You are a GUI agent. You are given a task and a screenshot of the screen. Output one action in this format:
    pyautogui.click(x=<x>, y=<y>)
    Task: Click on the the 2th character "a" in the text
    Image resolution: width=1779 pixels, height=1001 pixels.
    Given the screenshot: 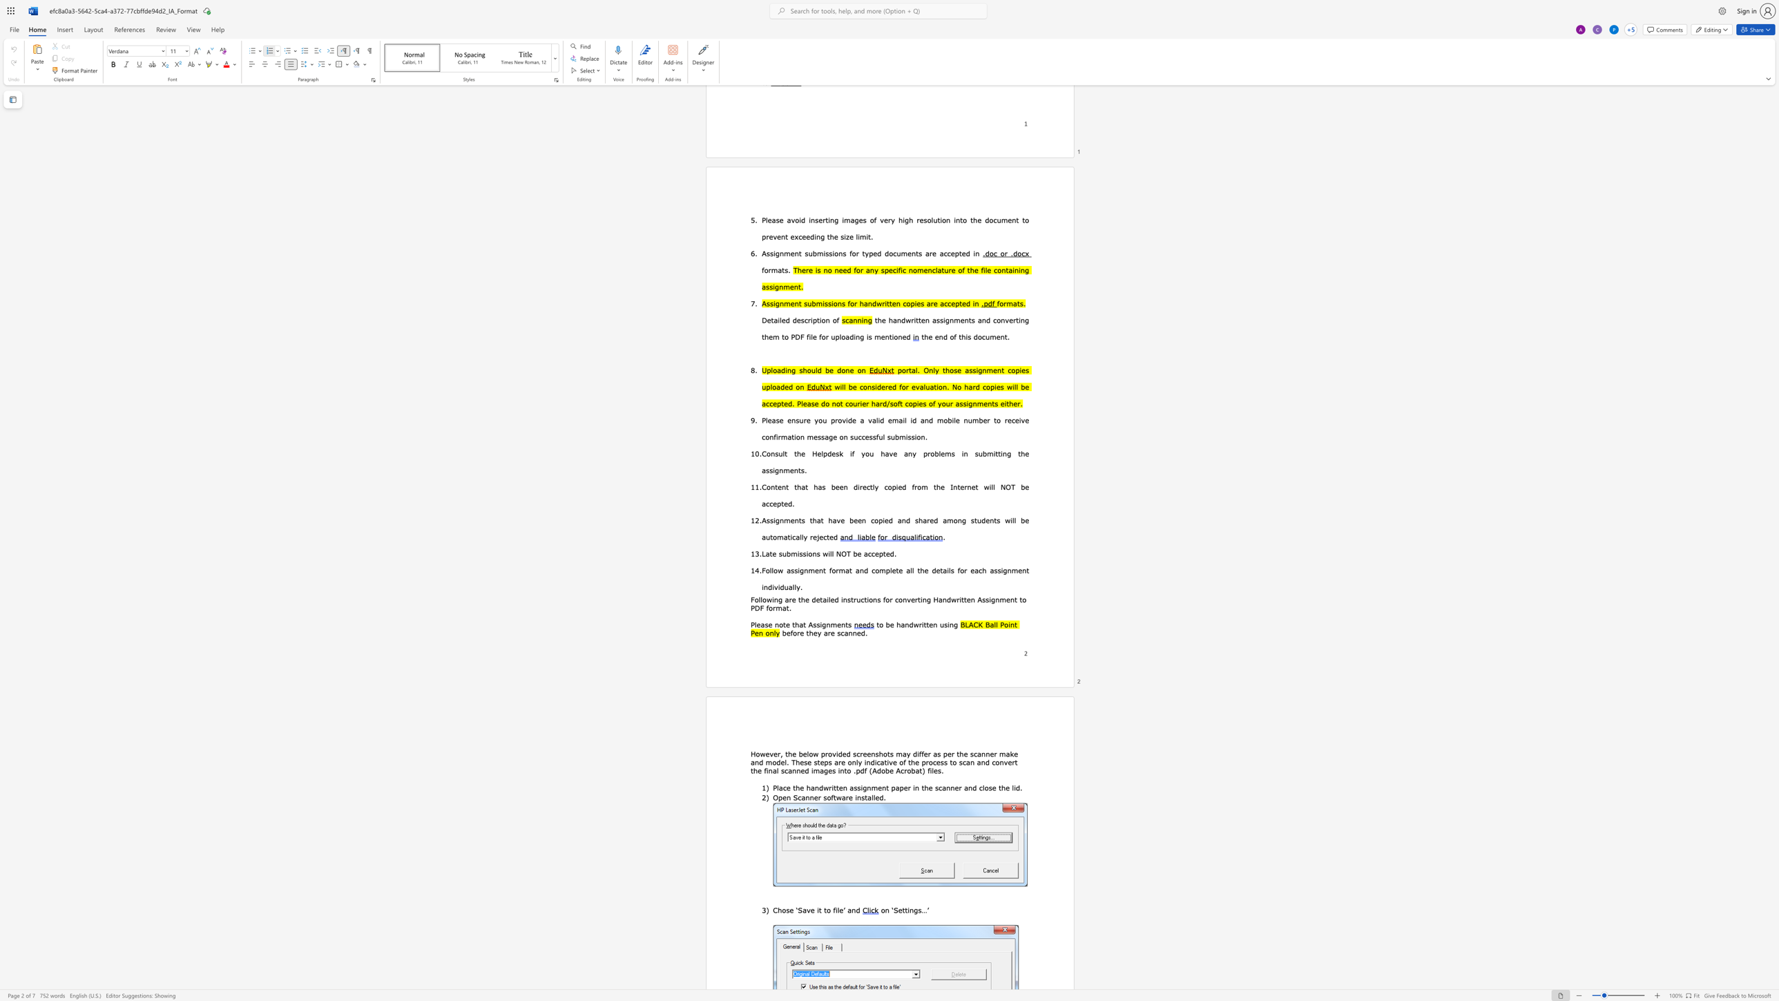 What is the action you would take?
    pyautogui.click(x=800, y=625)
    